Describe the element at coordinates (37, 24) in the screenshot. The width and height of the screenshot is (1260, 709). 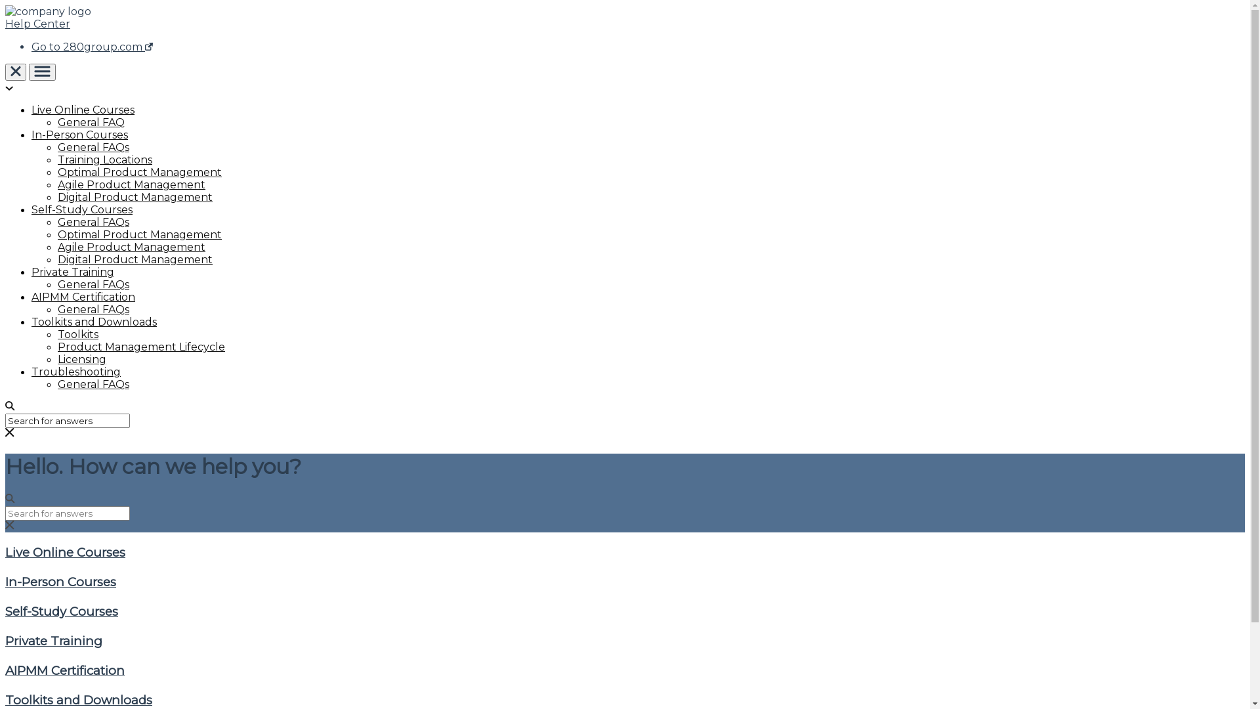
I see `'Help Center'` at that location.